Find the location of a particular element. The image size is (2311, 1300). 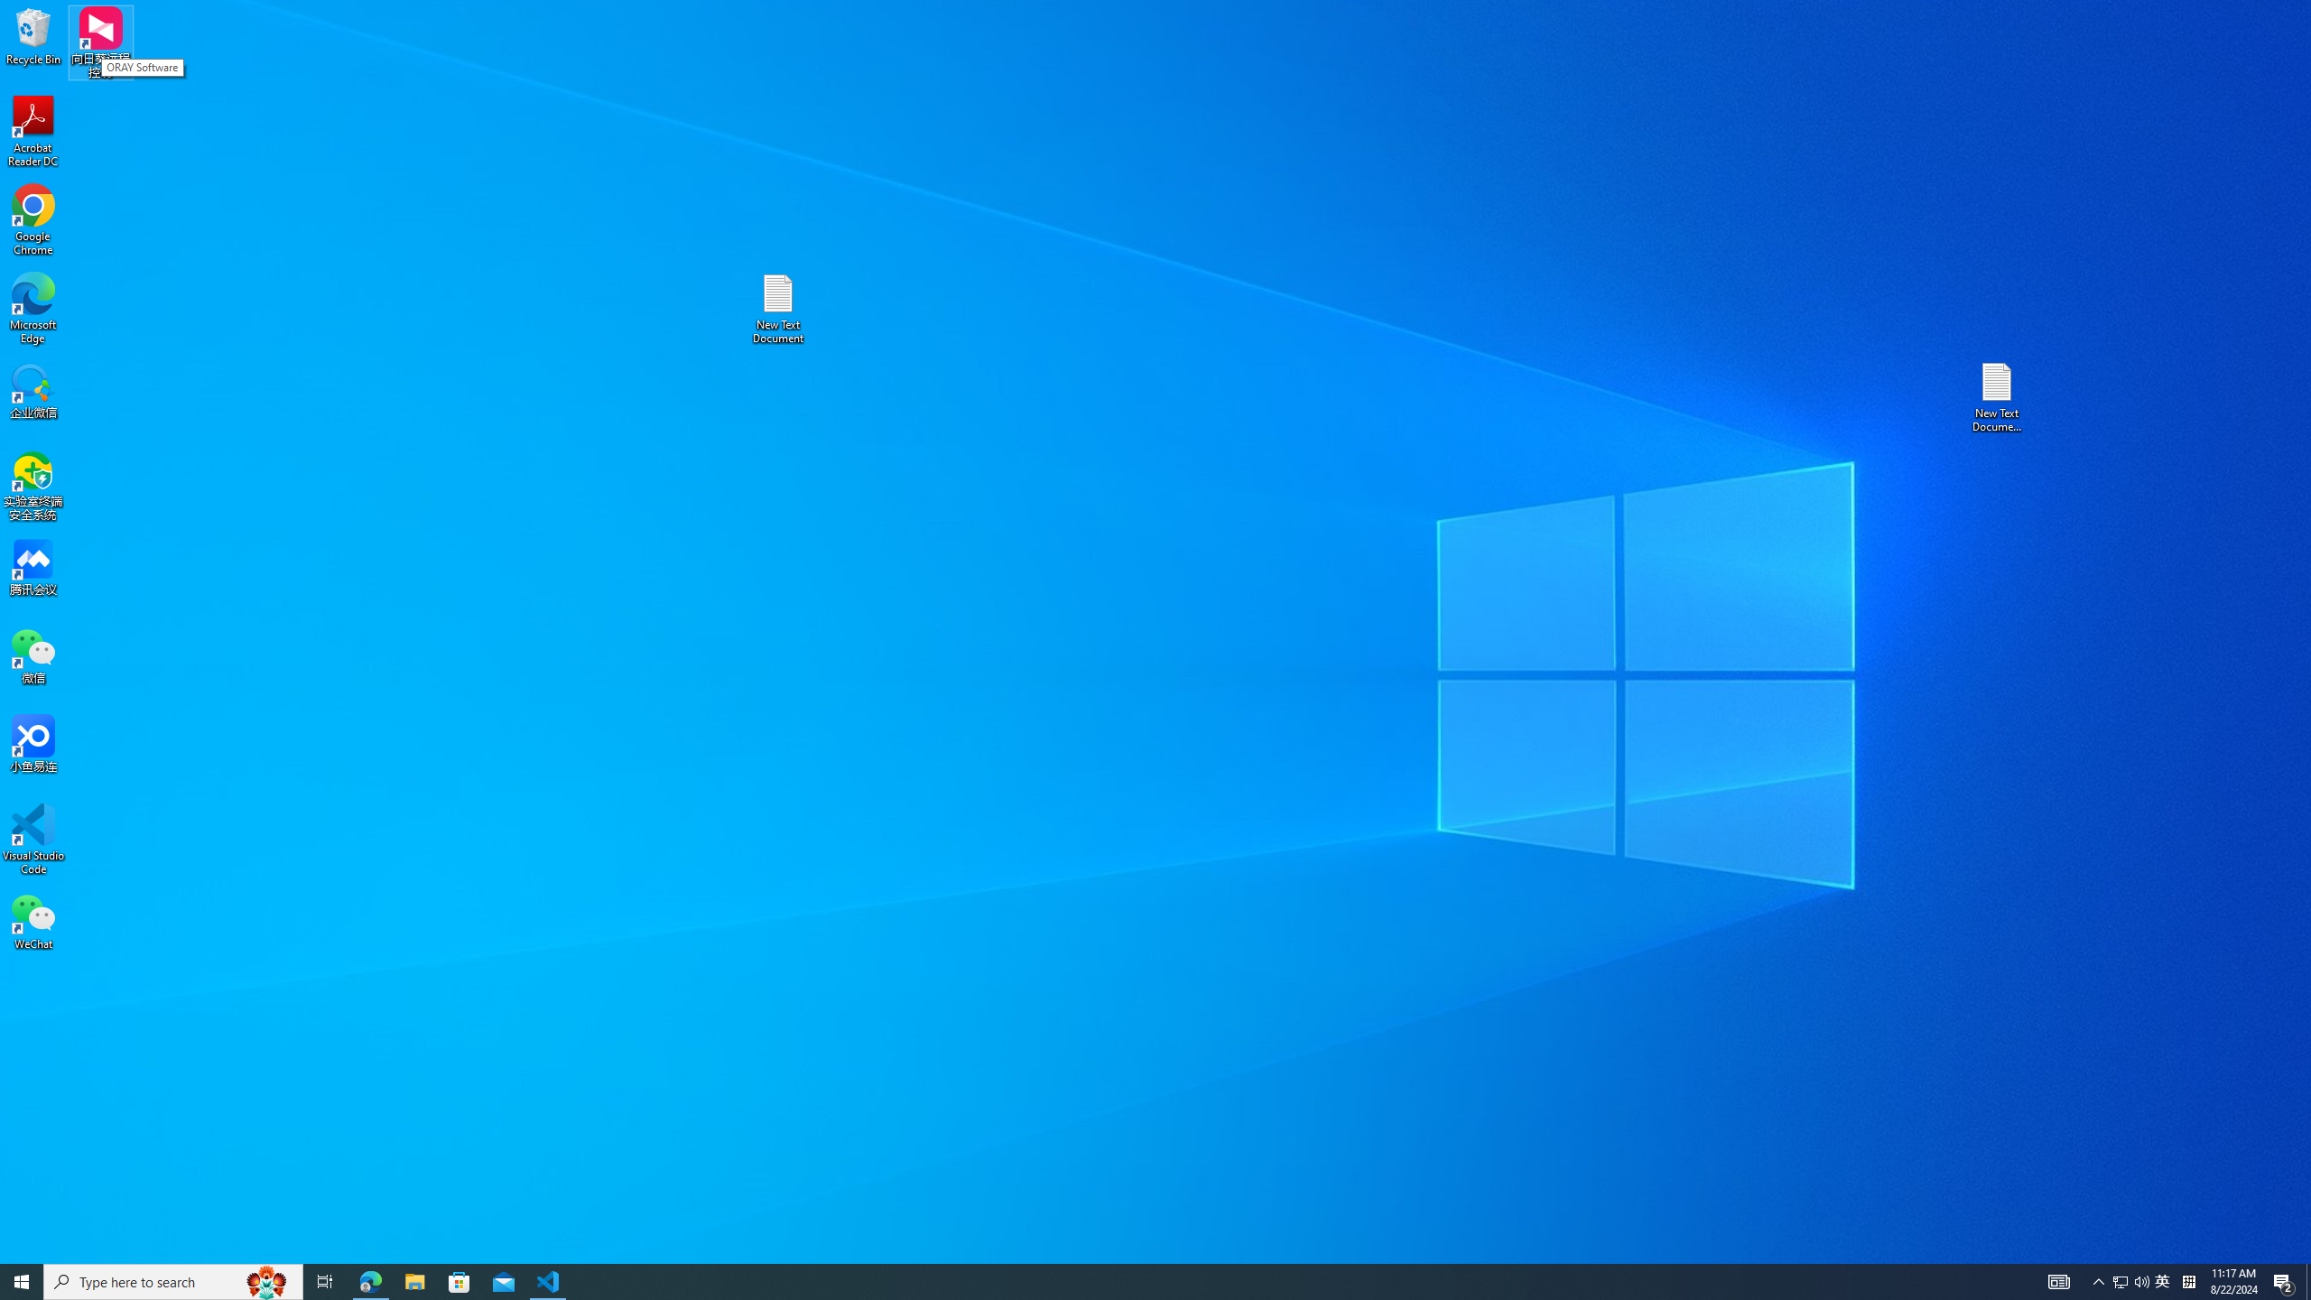

'WeChat' is located at coordinates (32, 920).